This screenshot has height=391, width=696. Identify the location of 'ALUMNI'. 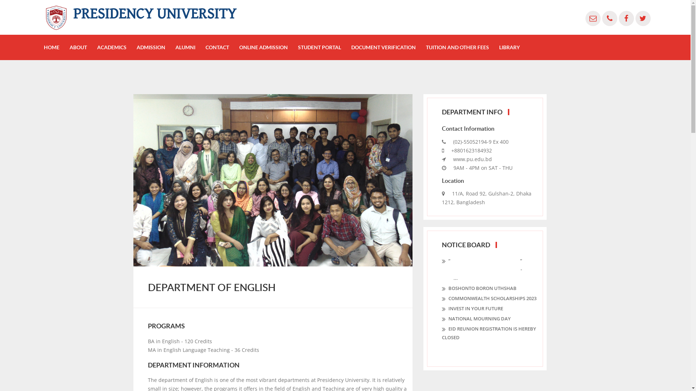
(185, 47).